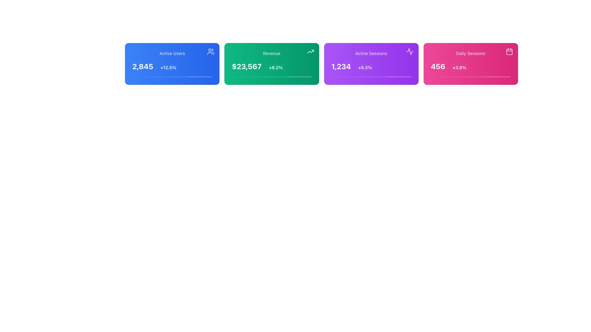 The width and height of the screenshot is (591, 332). What do you see at coordinates (247, 66) in the screenshot?
I see `the text displaying '$23,567' within the green card labeled 'Revenue', which is prominently styled and located to the left as the first piece of information under the title` at bounding box center [247, 66].